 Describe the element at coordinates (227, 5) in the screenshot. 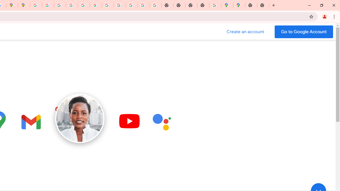

I see `'Google Maps'` at that location.